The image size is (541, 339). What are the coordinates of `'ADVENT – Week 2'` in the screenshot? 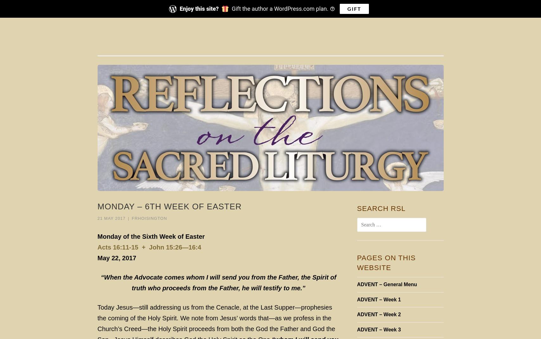 It's located at (378, 314).